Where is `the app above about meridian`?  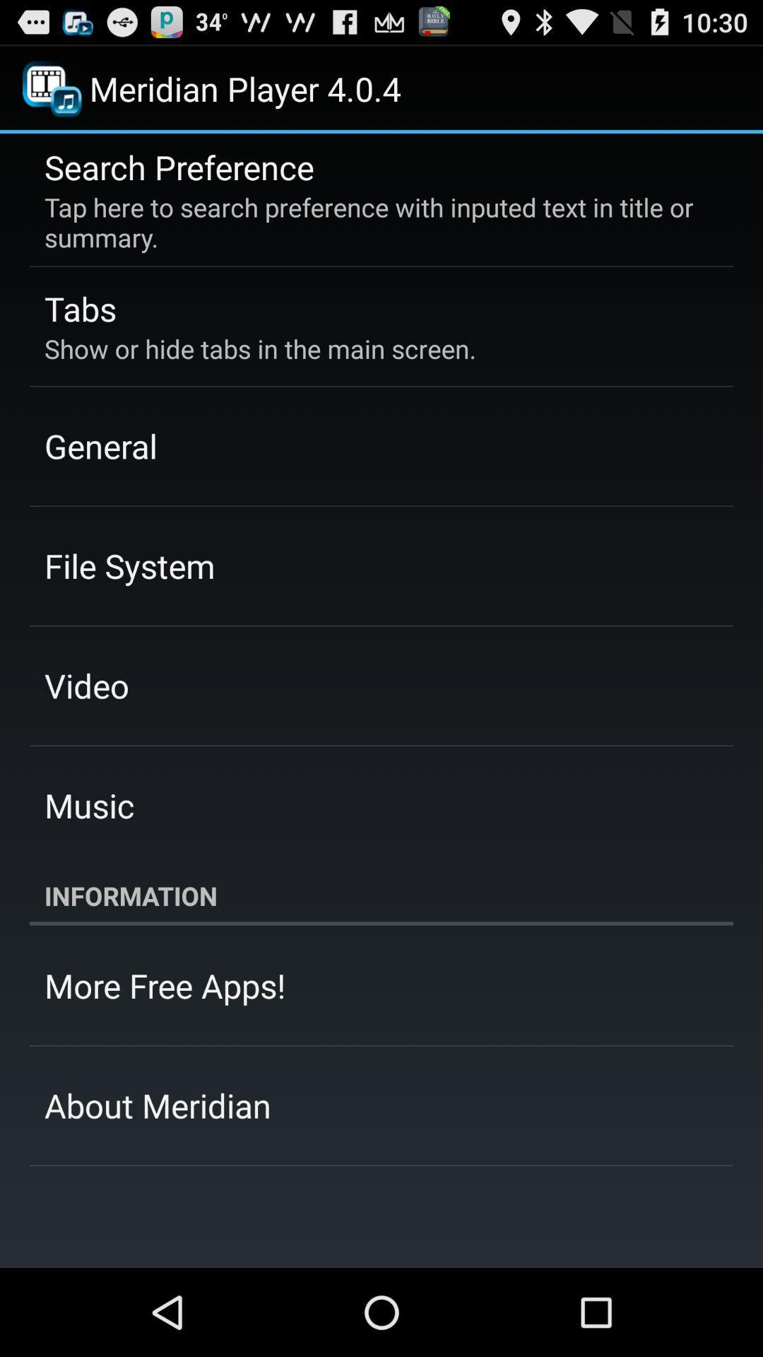
the app above about meridian is located at coordinates (164, 985).